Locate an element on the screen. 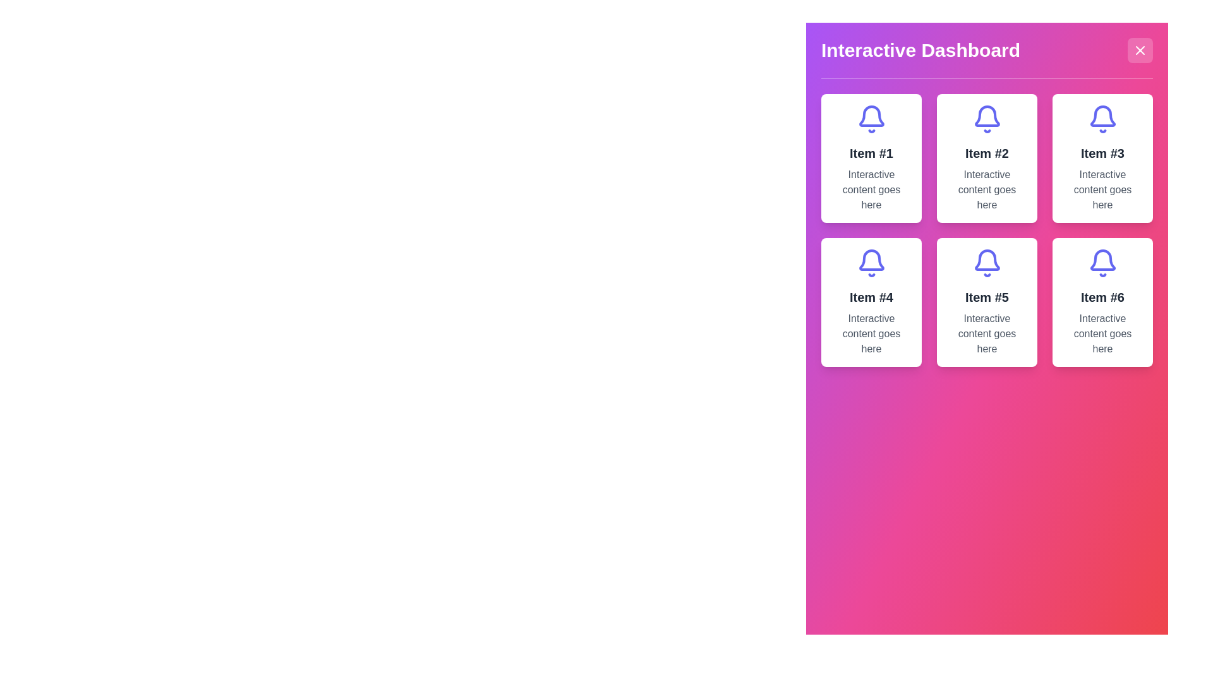 Image resolution: width=1213 pixels, height=682 pixels. the text label displaying 'Item #2' which is centrally aligned within its card in the 'Interactive Dashboard' interface is located at coordinates (986, 153).